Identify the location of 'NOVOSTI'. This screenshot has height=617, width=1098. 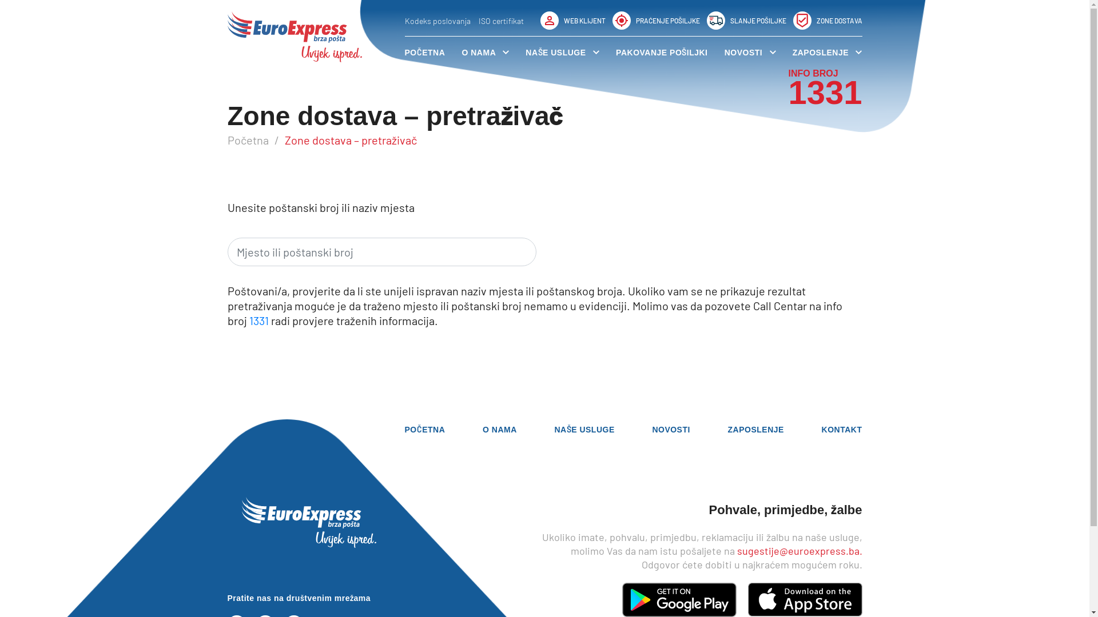
(750, 53).